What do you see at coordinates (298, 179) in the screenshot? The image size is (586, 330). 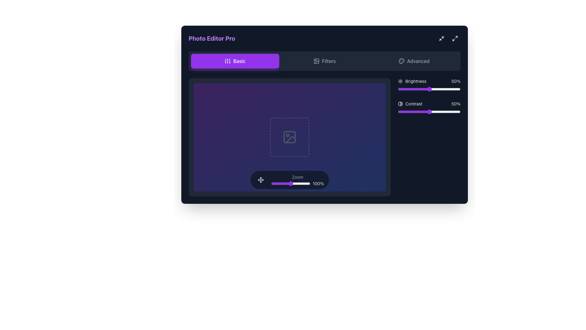 I see `the slider labeled '100%' under the text 'Zoom'` at bounding box center [298, 179].